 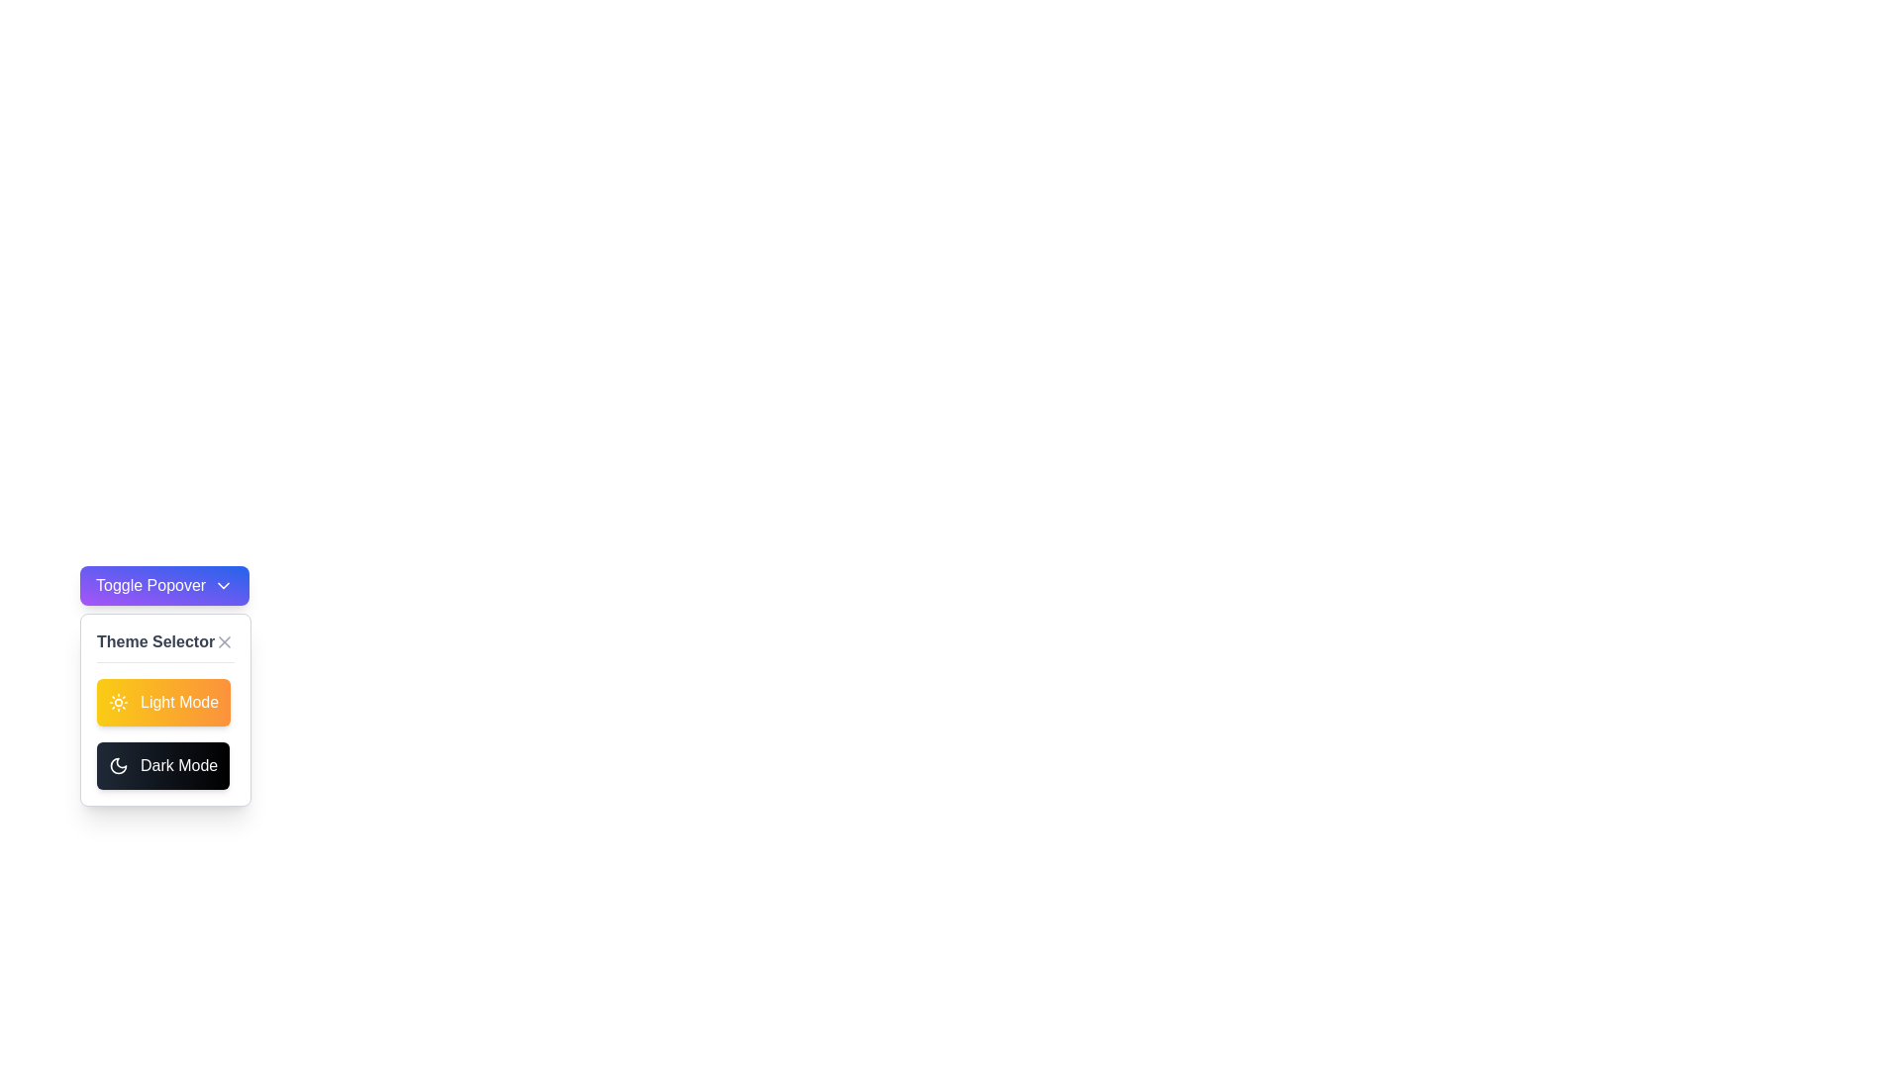 What do you see at coordinates (164, 584) in the screenshot?
I see `the 'Toggle Popover' button, which is a rectangular button with rounded corners, featuring a gradient background from purple to blue and displaying the text 'Toggle Popover' in white with a downwards chevron icon` at bounding box center [164, 584].